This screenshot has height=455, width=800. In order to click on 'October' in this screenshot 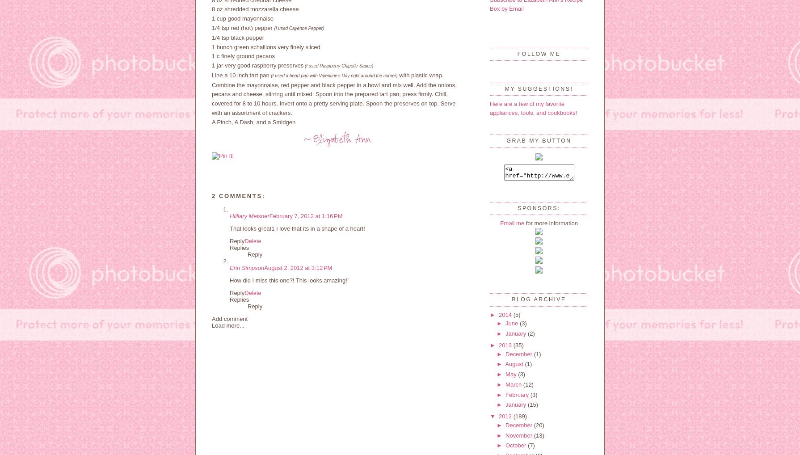, I will do `click(505, 445)`.